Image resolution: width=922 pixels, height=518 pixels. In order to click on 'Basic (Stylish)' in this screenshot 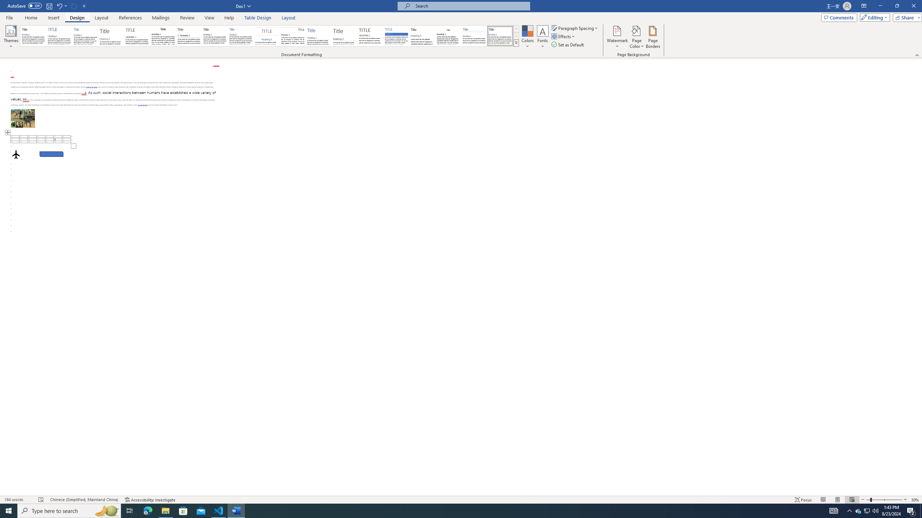, I will do `click(111, 36)`.